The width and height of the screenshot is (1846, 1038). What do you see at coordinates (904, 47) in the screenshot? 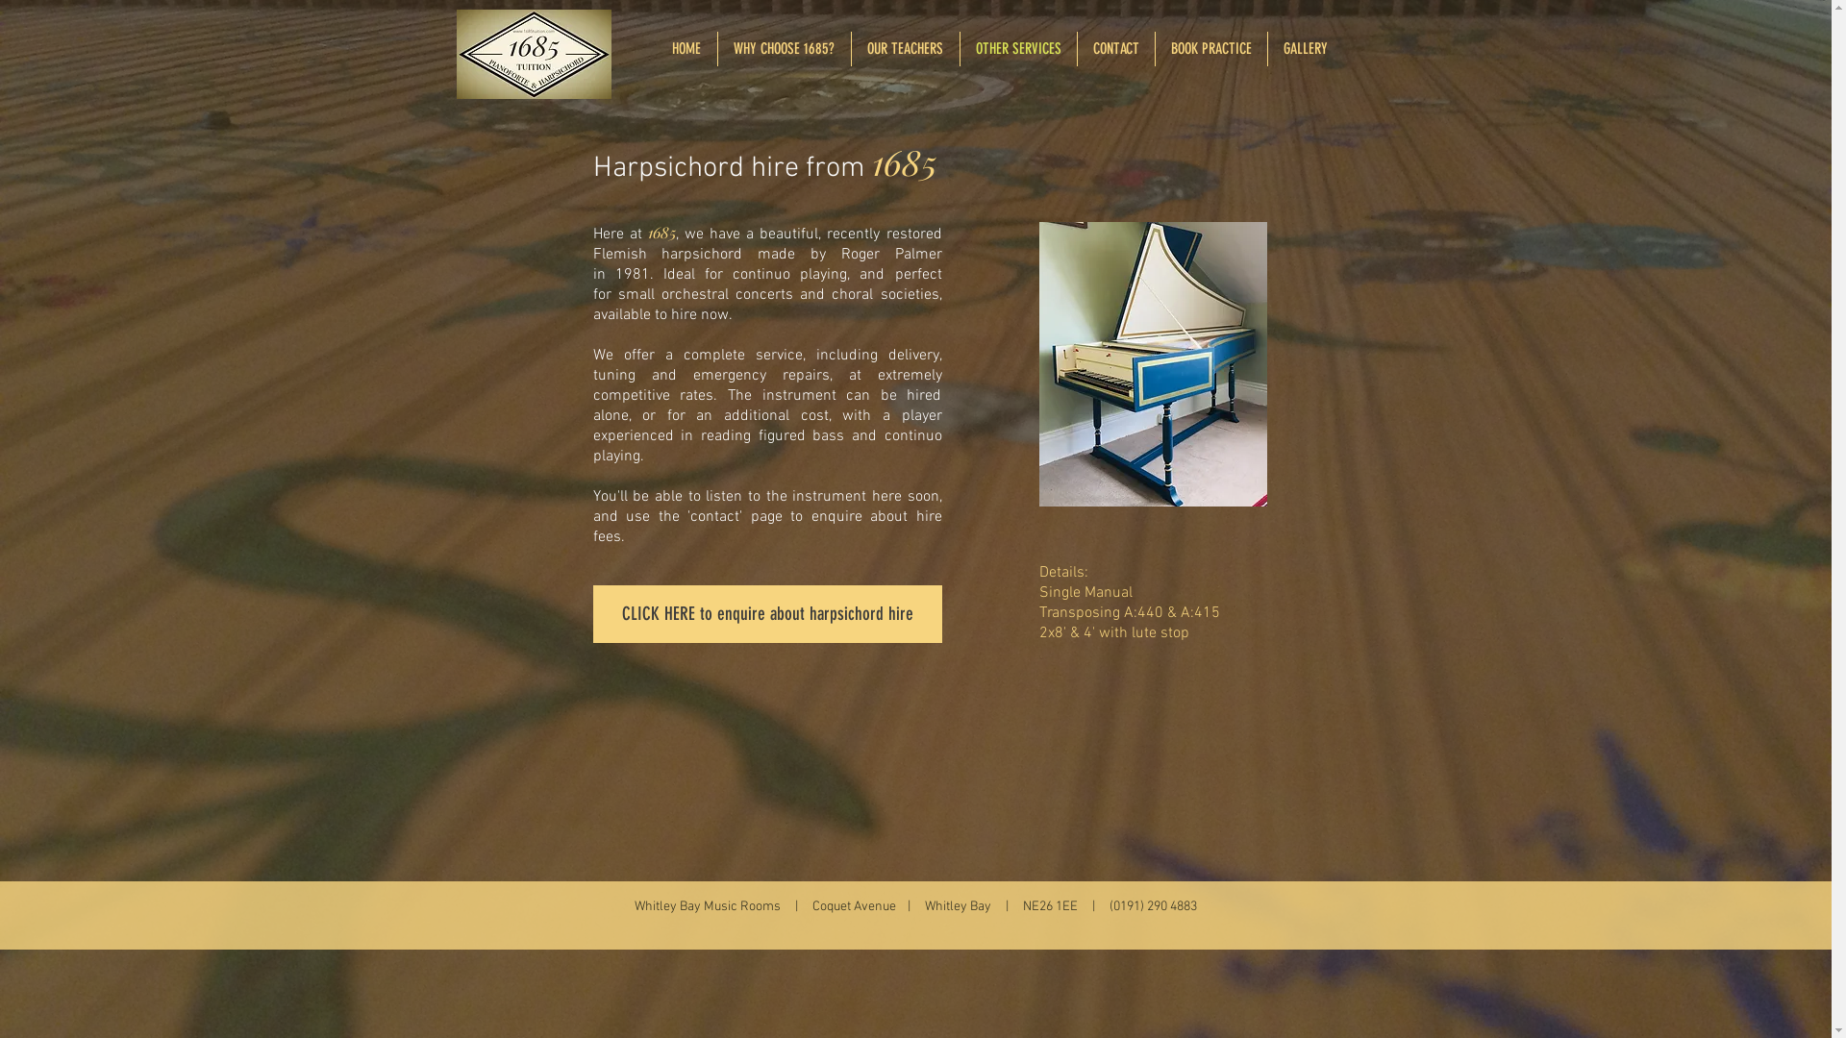
I see `'OUR TEACHERS'` at bounding box center [904, 47].